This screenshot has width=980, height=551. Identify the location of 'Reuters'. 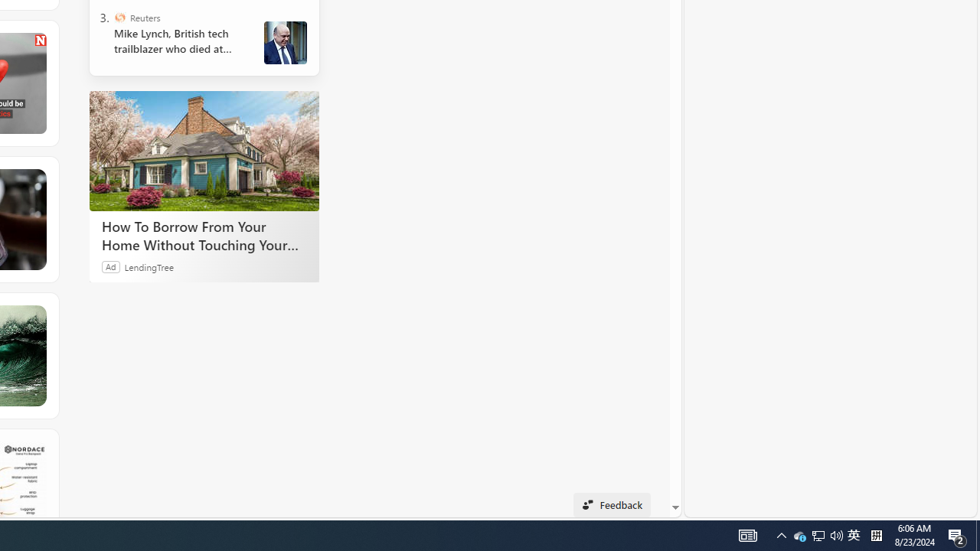
(119, 18).